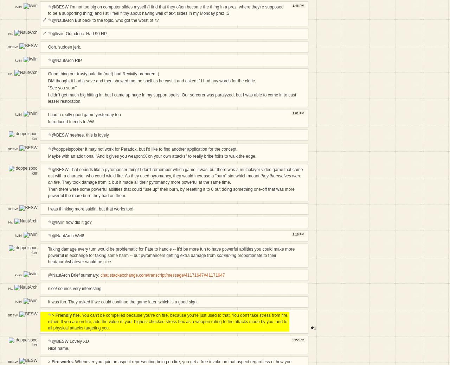 The image size is (450, 365). I want to click on '@NautArch But back to the topic, who got the worst of it?', so click(105, 20).